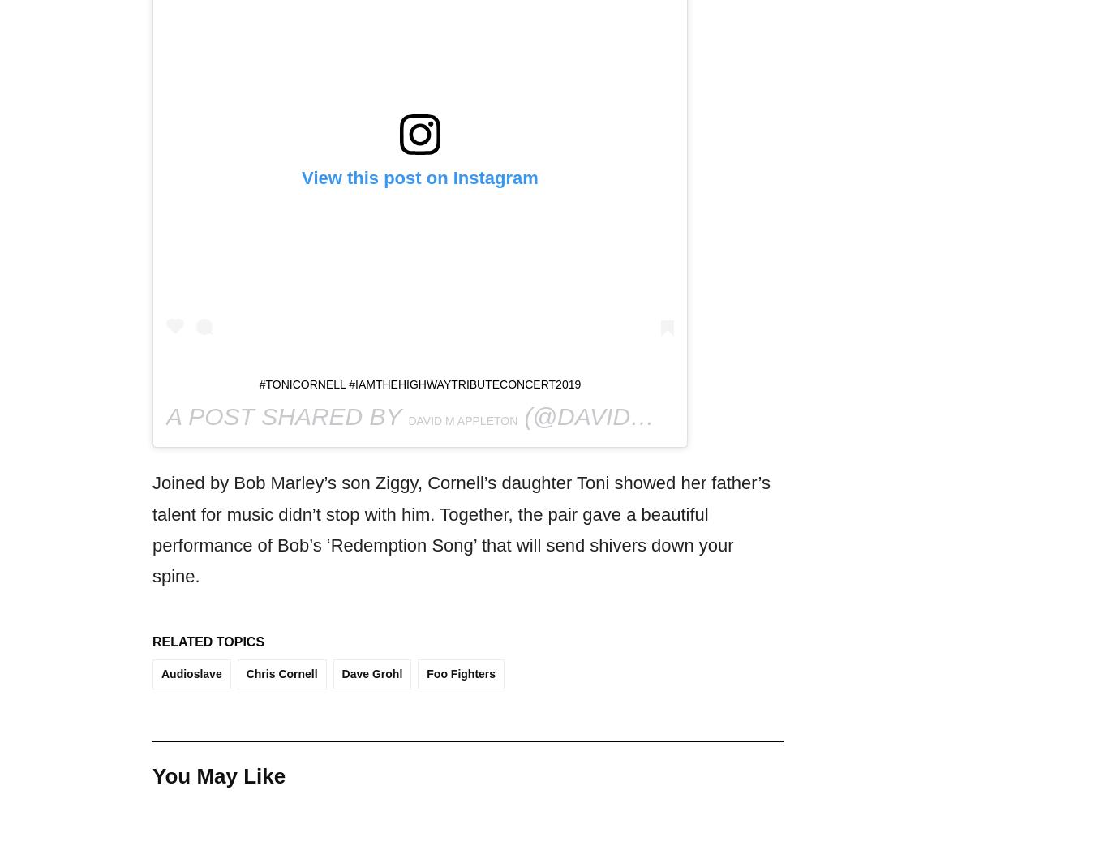 This screenshot has width=1095, height=863. Describe the element at coordinates (208, 642) in the screenshot. I see `'Related Topics'` at that location.